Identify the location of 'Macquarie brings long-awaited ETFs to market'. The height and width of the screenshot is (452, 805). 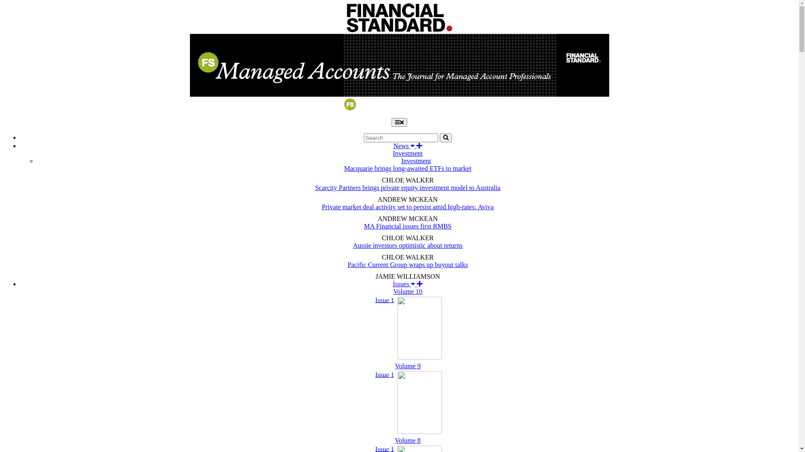
(408, 168).